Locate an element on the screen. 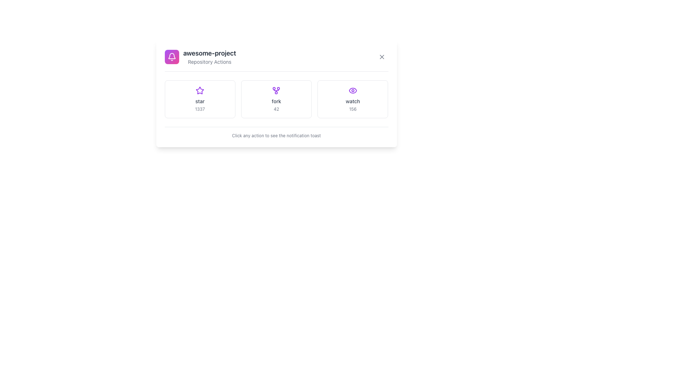  the button that features a card-like structure with an eye icon in purple, the text 'watch' in black, and the number '156' in gray, which is the third card in a row of three elements is located at coordinates (353, 99).